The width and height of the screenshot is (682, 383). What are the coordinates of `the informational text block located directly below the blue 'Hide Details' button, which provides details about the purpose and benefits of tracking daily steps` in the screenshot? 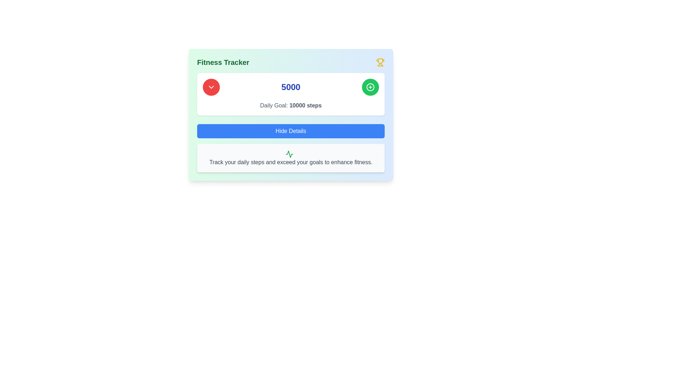 It's located at (291, 158).